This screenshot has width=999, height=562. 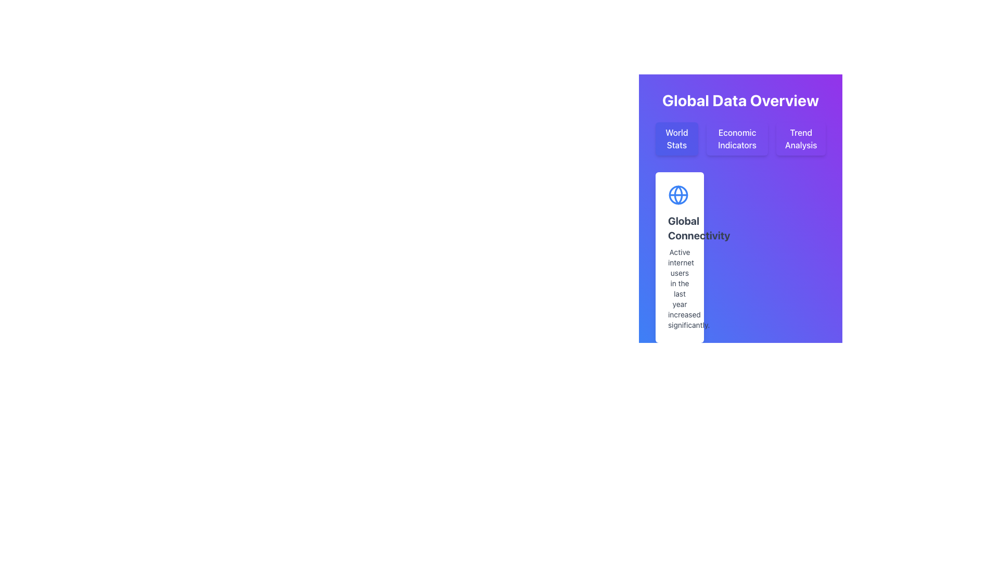 I want to click on the third button in the group of three buttons located at the top-right under 'Global Data Overview', so click(x=800, y=138).